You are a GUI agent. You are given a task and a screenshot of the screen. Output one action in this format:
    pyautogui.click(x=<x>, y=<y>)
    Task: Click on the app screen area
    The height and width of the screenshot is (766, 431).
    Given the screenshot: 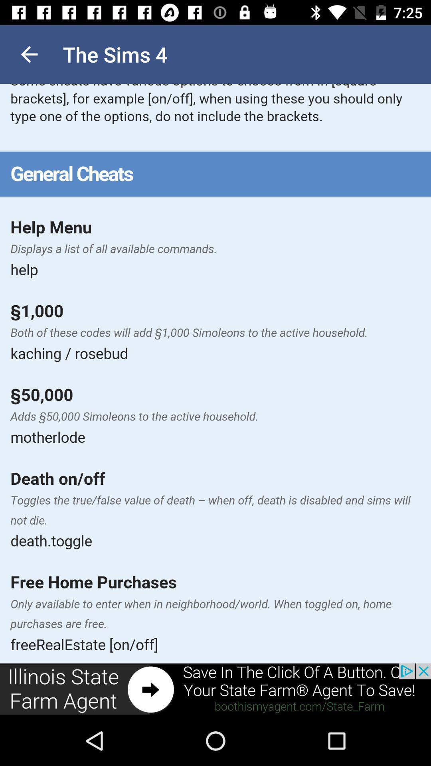 What is the action you would take?
    pyautogui.click(x=215, y=373)
    